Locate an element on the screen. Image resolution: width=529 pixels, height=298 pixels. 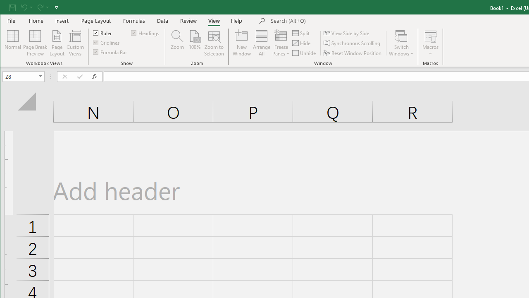
'View Macros' is located at coordinates (430, 35).